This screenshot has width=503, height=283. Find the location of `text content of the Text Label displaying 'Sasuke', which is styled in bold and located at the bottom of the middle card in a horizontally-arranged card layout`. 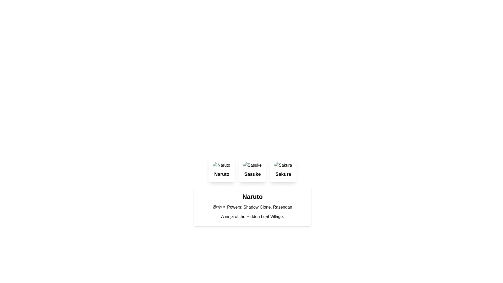

text content of the Text Label displaying 'Sasuke', which is styled in bold and located at the bottom of the middle card in a horizontally-arranged card layout is located at coordinates (253, 174).